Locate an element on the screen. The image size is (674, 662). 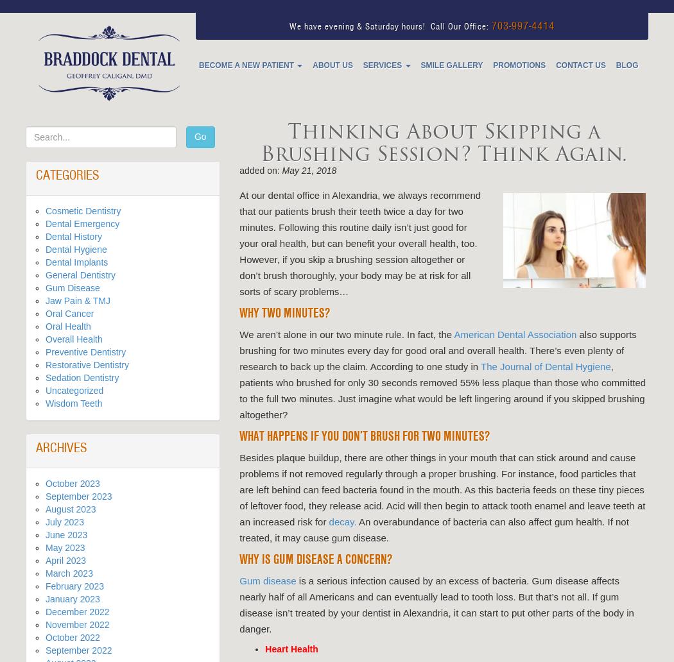
'Become a New Patient' is located at coordinates (247, 65).